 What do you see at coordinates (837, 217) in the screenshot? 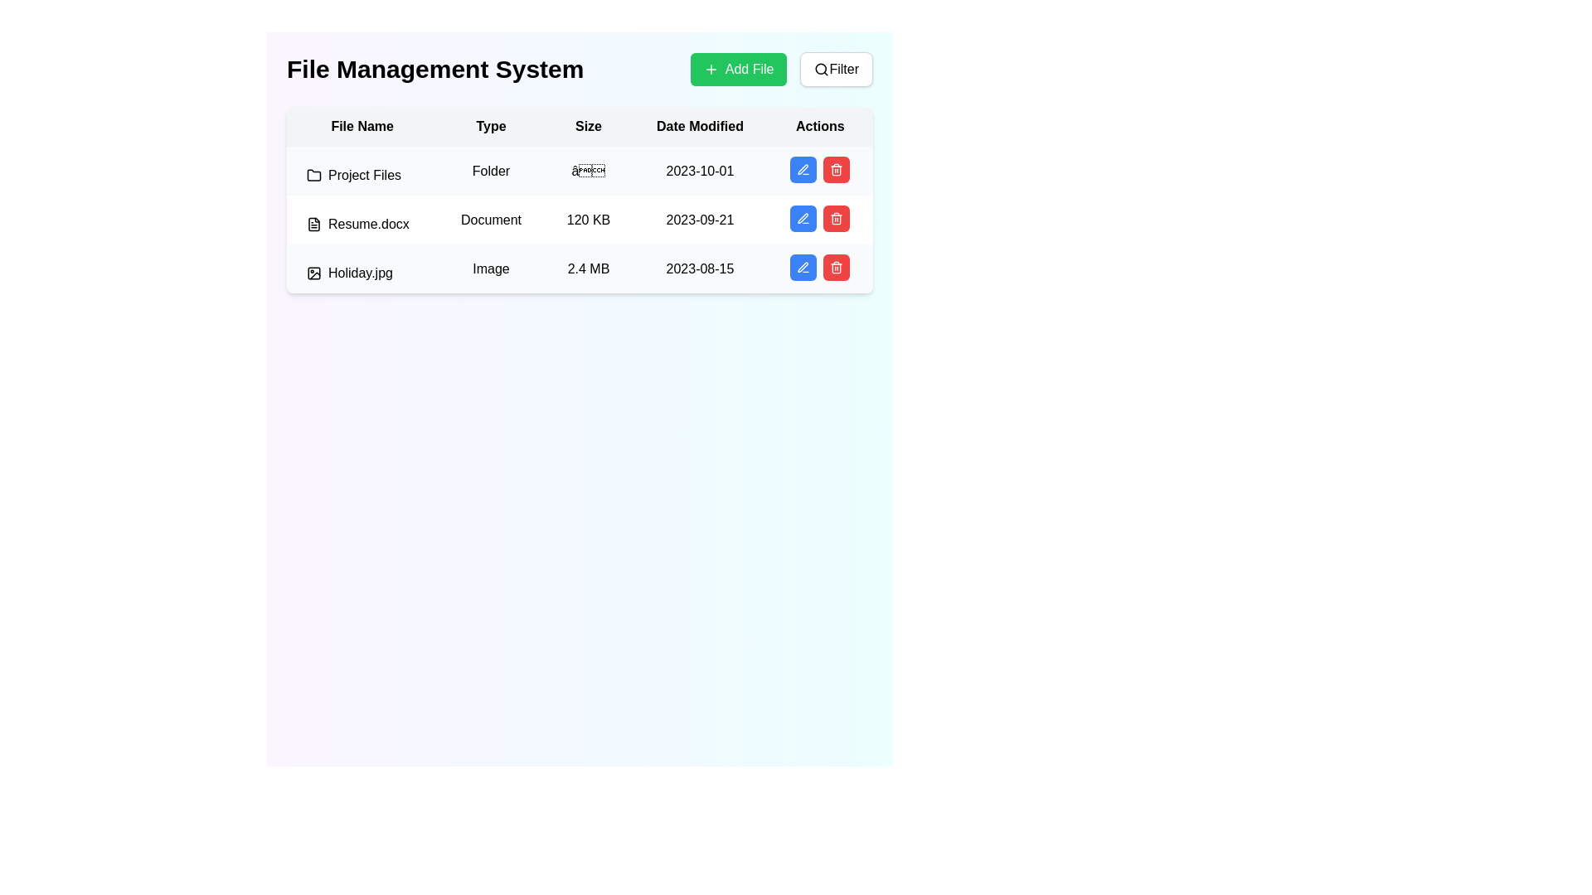
I see `the delete button located in the second row of the table's 'Actions' column` at bounding box center [837, 217].